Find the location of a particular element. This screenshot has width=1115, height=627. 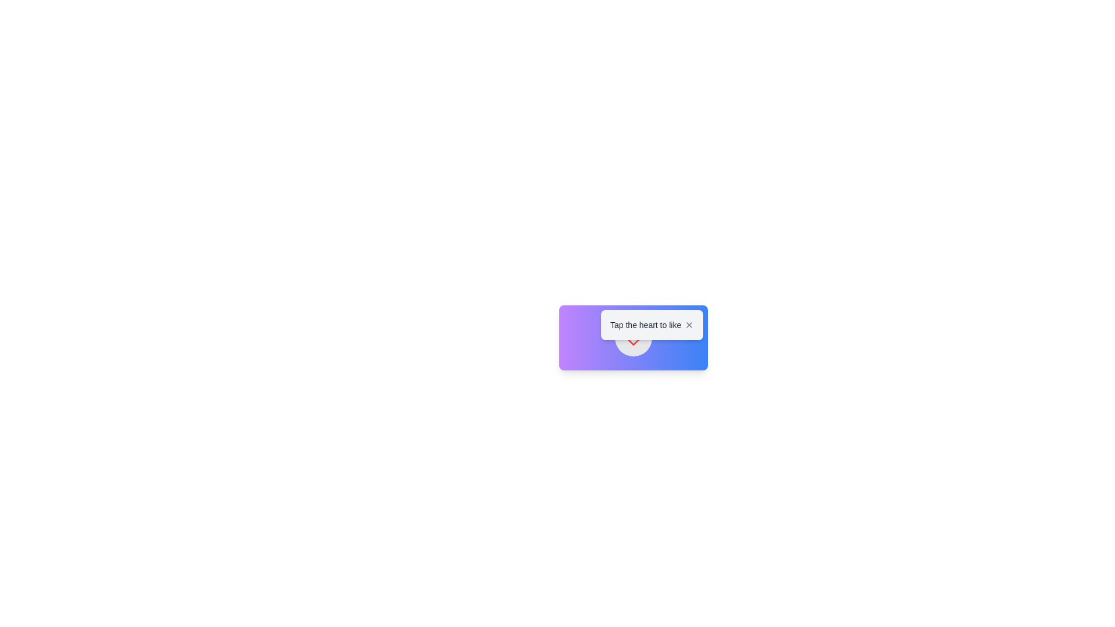

the close button represented by an 'X' is located at coordinates (689, 325).